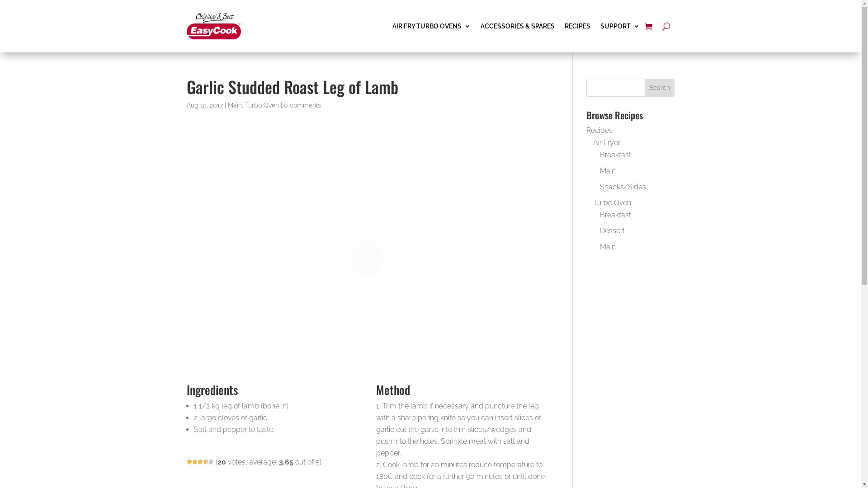  What do you see at coordinates (608, 171) in the screenshot?
I see `'Main'` at bounding box center [608, 171].